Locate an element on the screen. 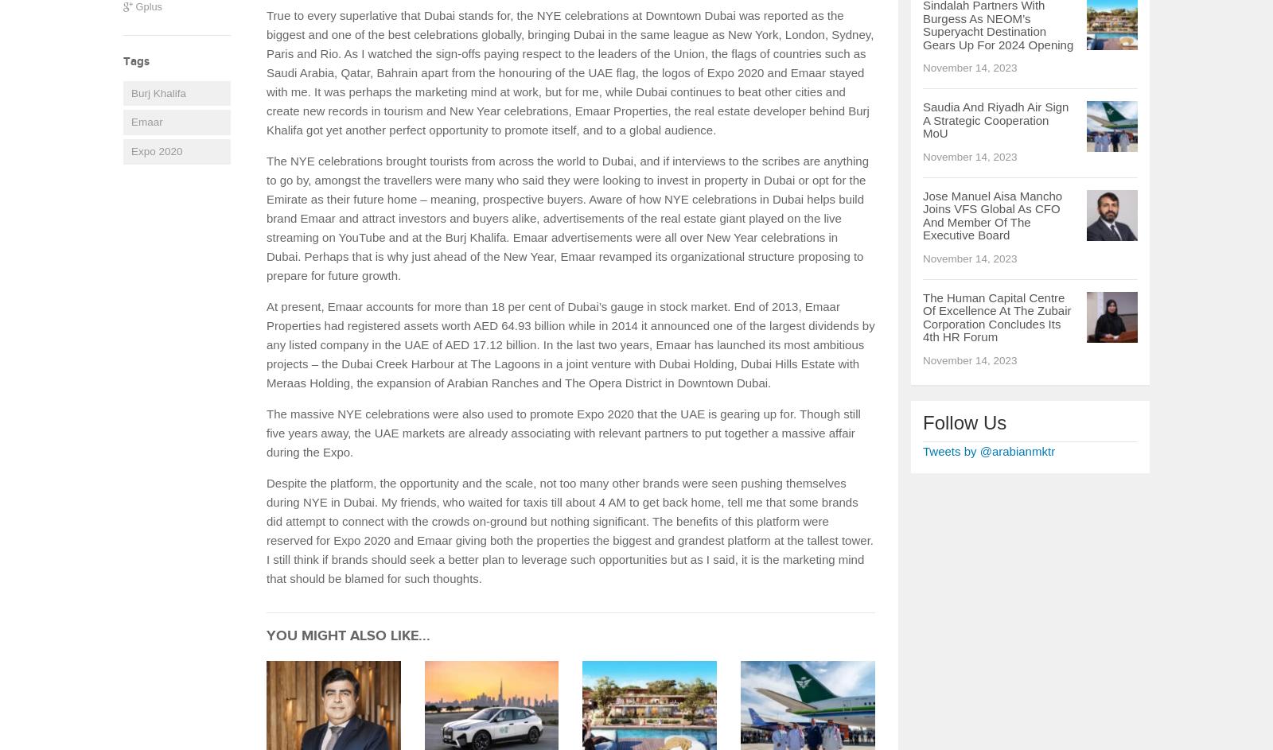 The width and height of the screenshot is (1273, 750). 'Burj Khalifa' is located at coordinates (130, 92).